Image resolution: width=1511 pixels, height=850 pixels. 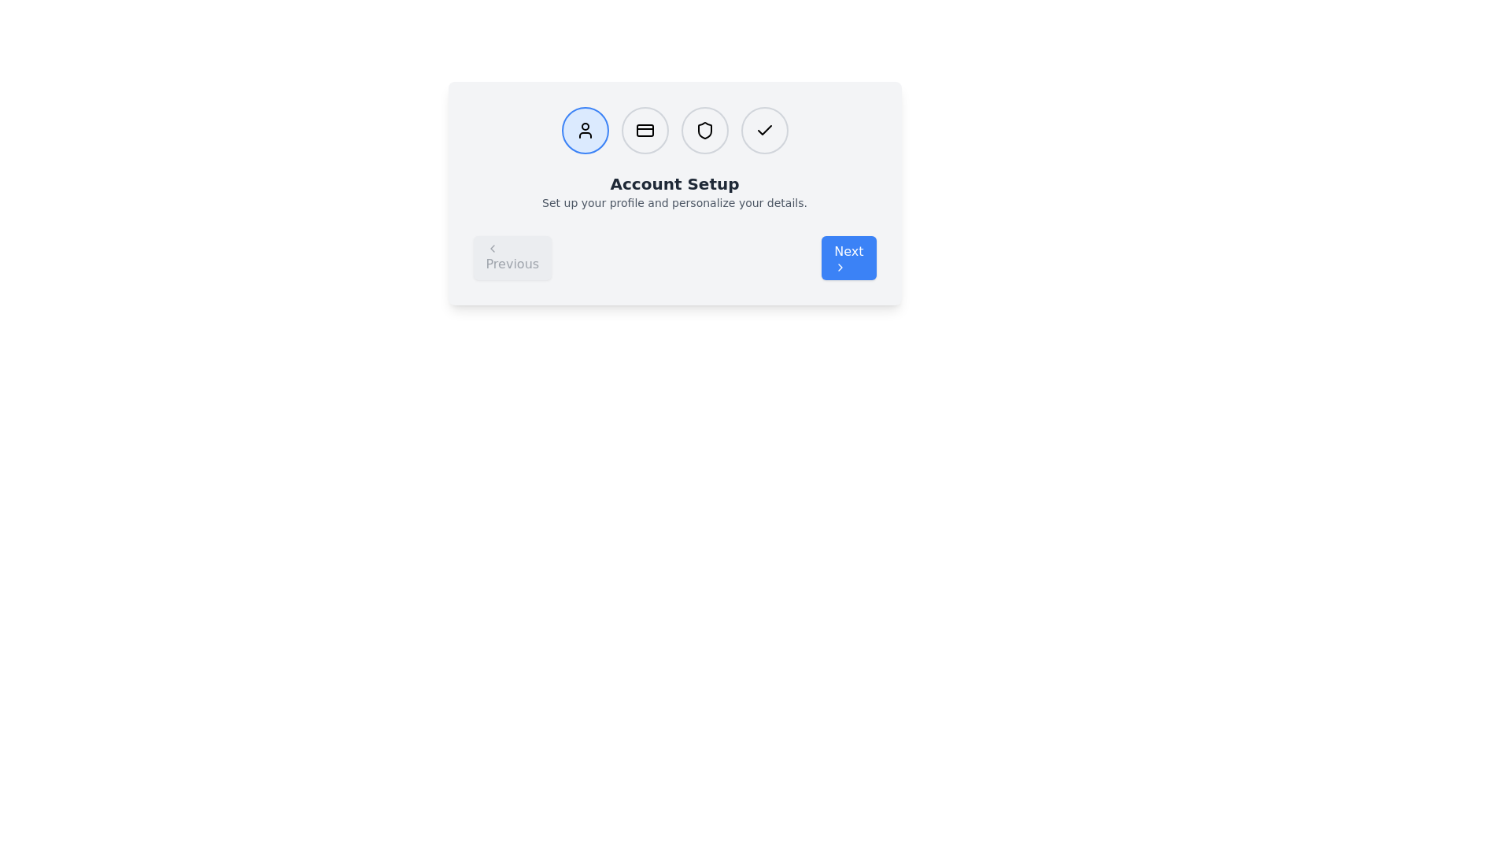 I want to click on the user profile button located at the top of the modal interface, so click(x=584, y=129).